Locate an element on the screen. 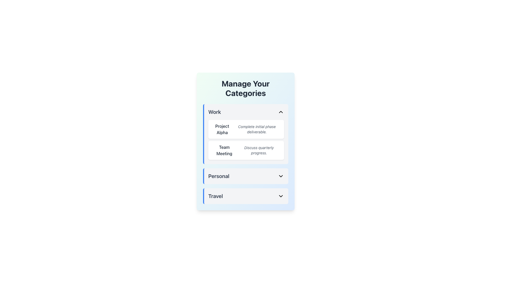  the left-aligned text label for the 'Team Meeting' entry located within the second card under the 'Work' section, positioned to the left of the description 'Discuss quarterly progress.' is located at coordinates (224, 150).